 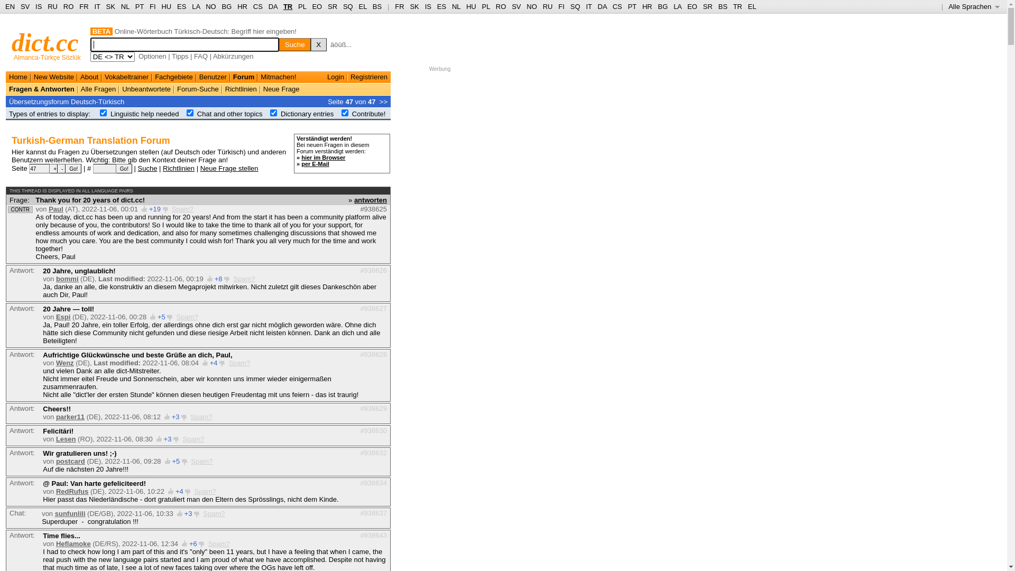 I want to click on 'on', so click(x=103, y=113).